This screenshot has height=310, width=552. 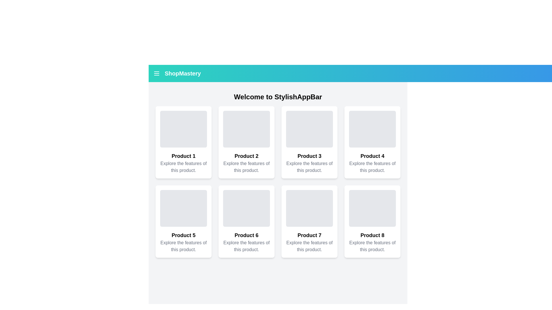 What do you see at coordinates (372, 129) in the screenshot?
I see `the rectangular placeholder image with a light gray background located at the top of the 'Product 4' card in the fourth column of the grid layout` at bounding box center [372, 129].